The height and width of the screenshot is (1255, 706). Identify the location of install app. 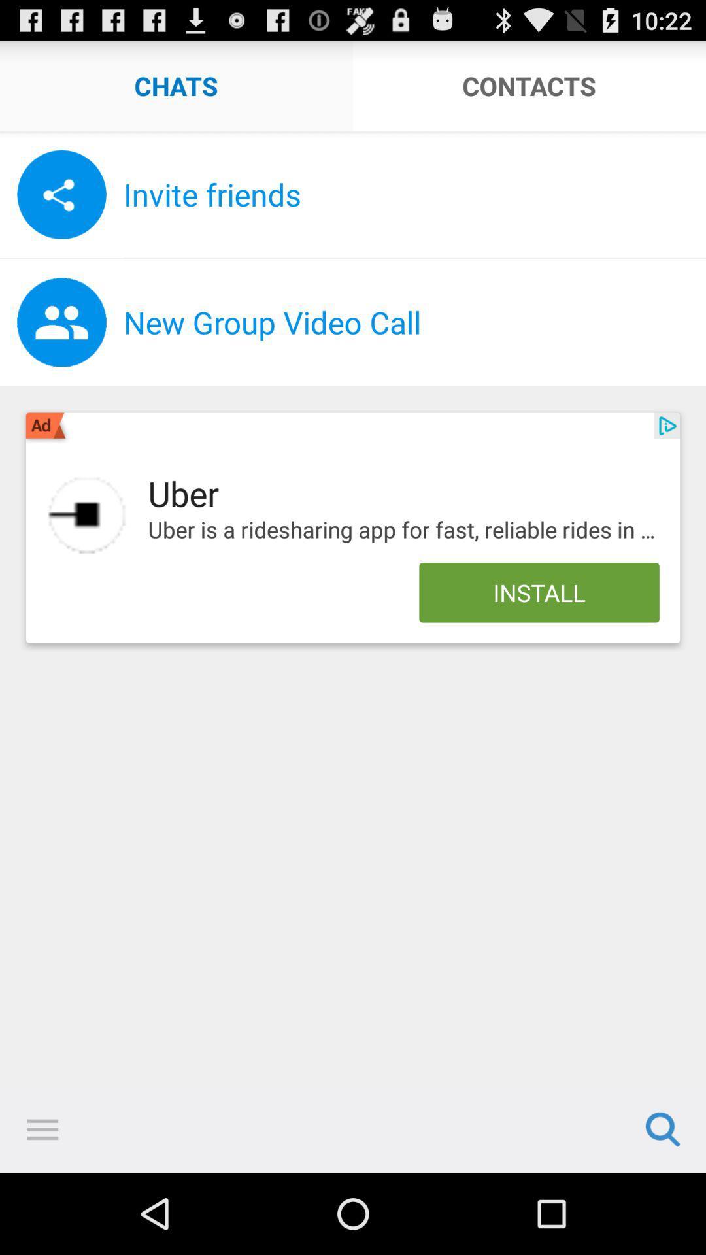
(87, 514).